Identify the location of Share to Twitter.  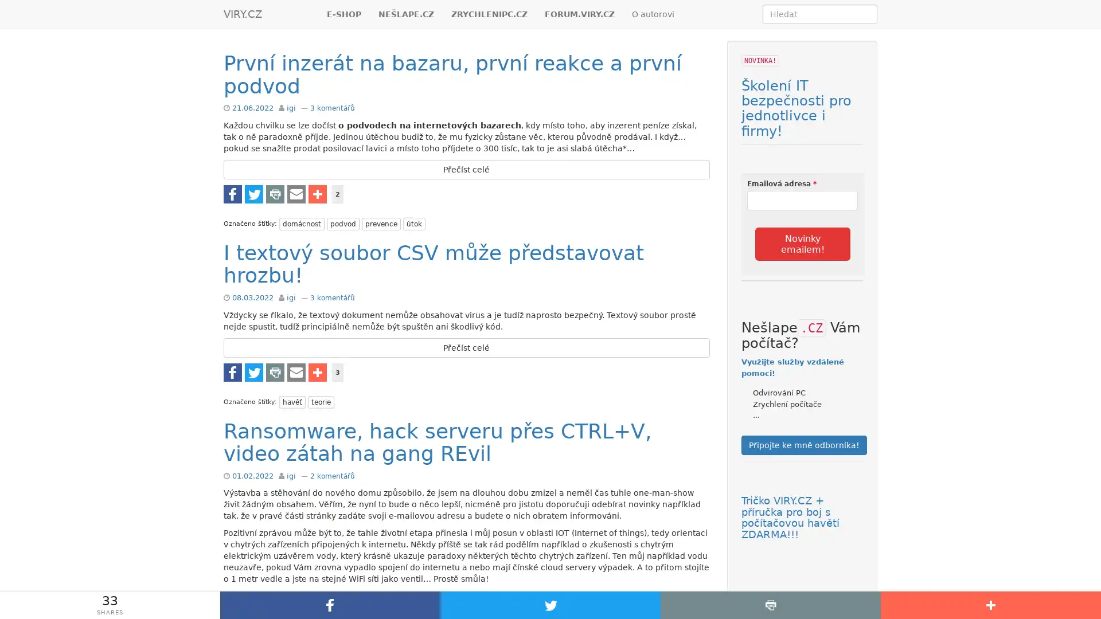
(253, 371).